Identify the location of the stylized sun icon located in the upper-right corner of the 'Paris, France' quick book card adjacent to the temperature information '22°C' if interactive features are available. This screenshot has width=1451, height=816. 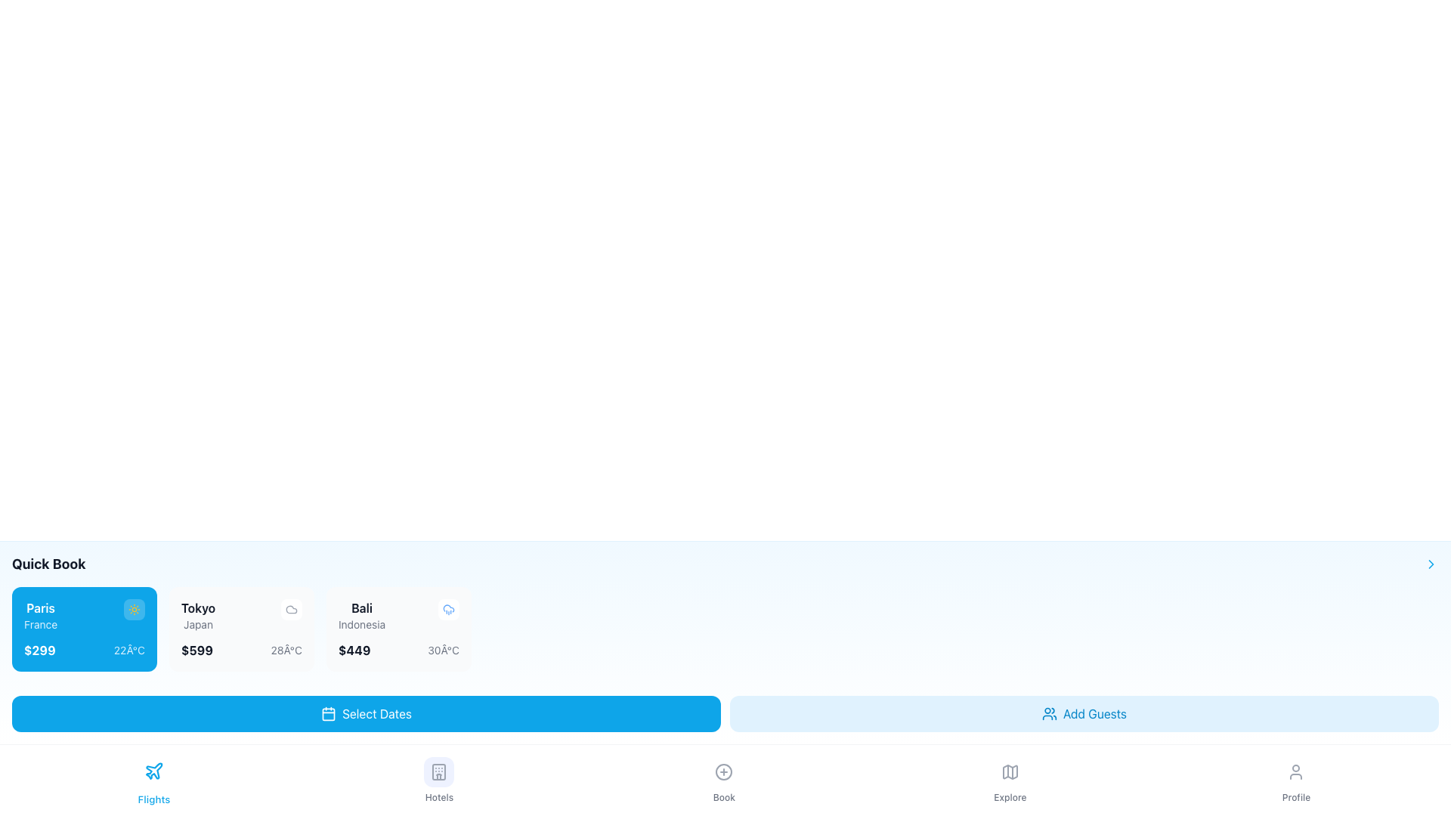
(134, 608).